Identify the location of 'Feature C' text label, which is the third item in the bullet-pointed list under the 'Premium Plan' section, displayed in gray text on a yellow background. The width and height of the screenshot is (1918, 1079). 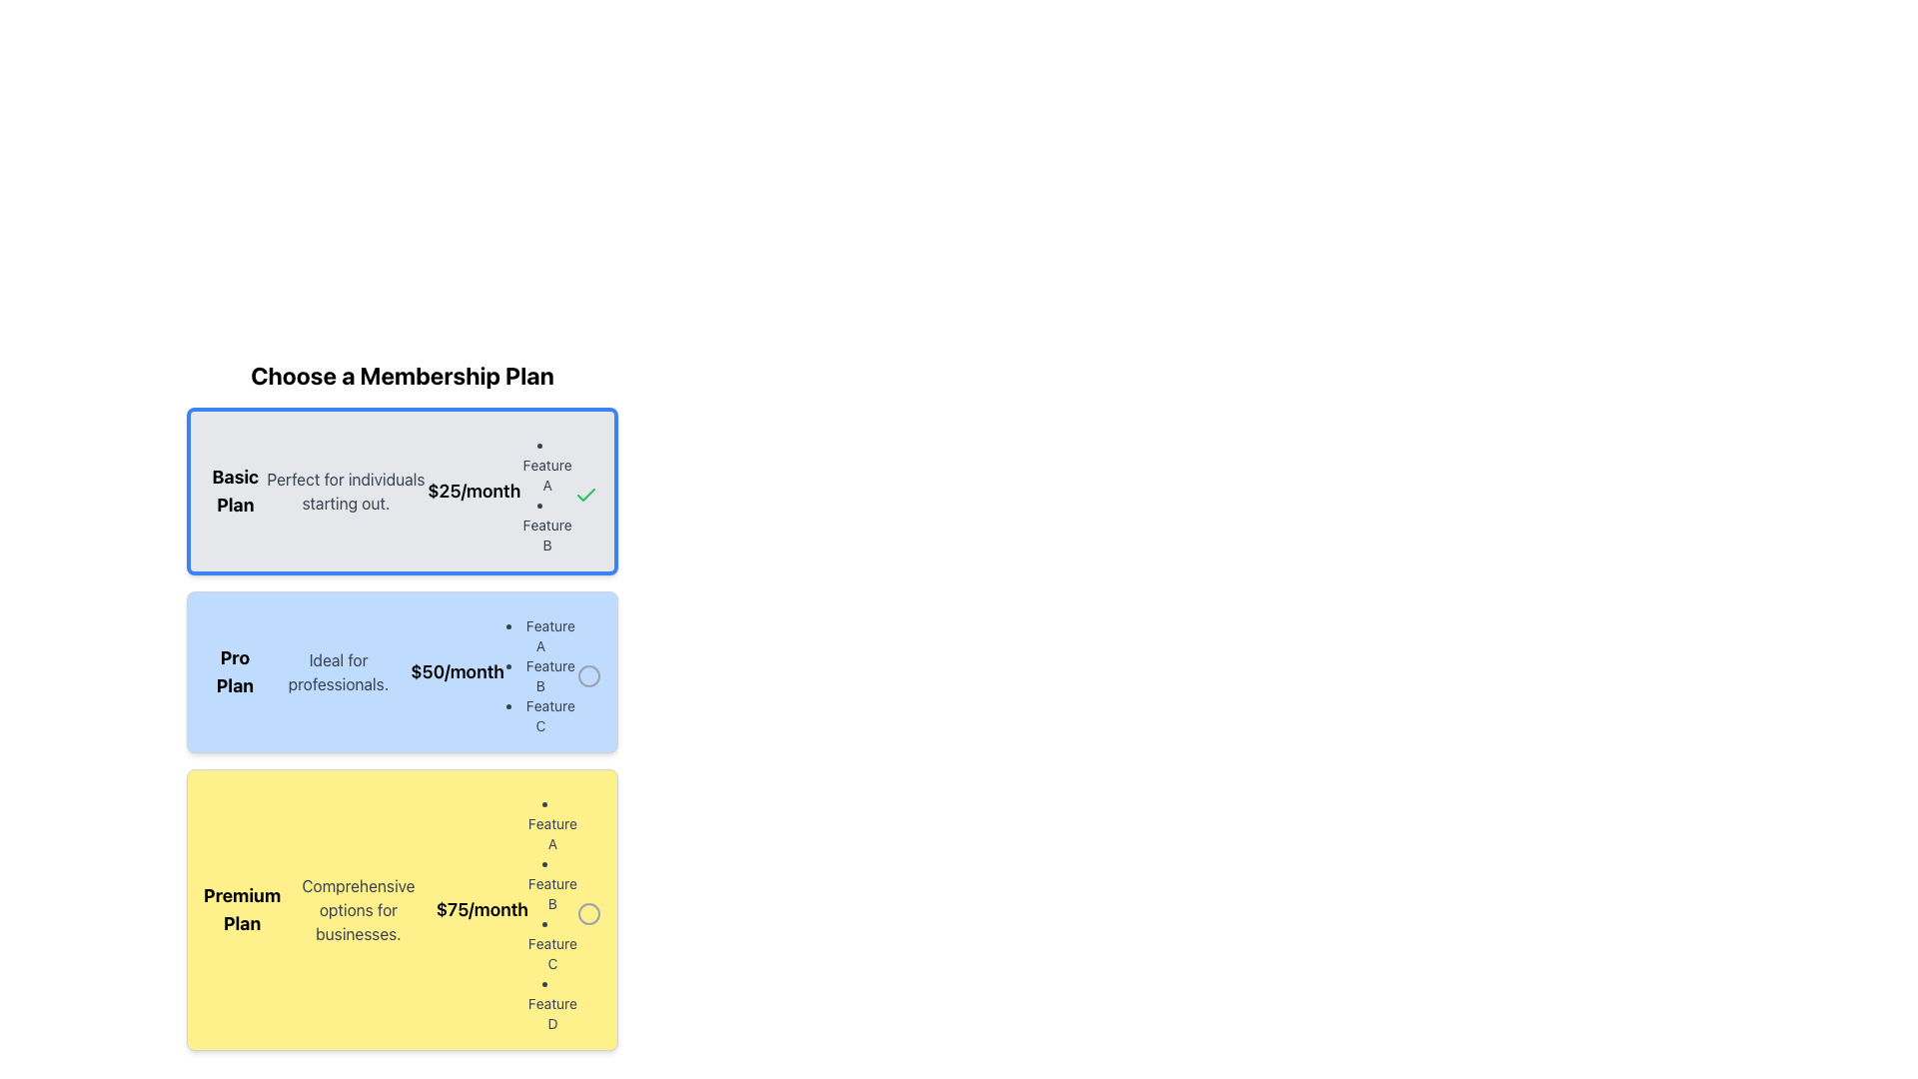
(552, 944).